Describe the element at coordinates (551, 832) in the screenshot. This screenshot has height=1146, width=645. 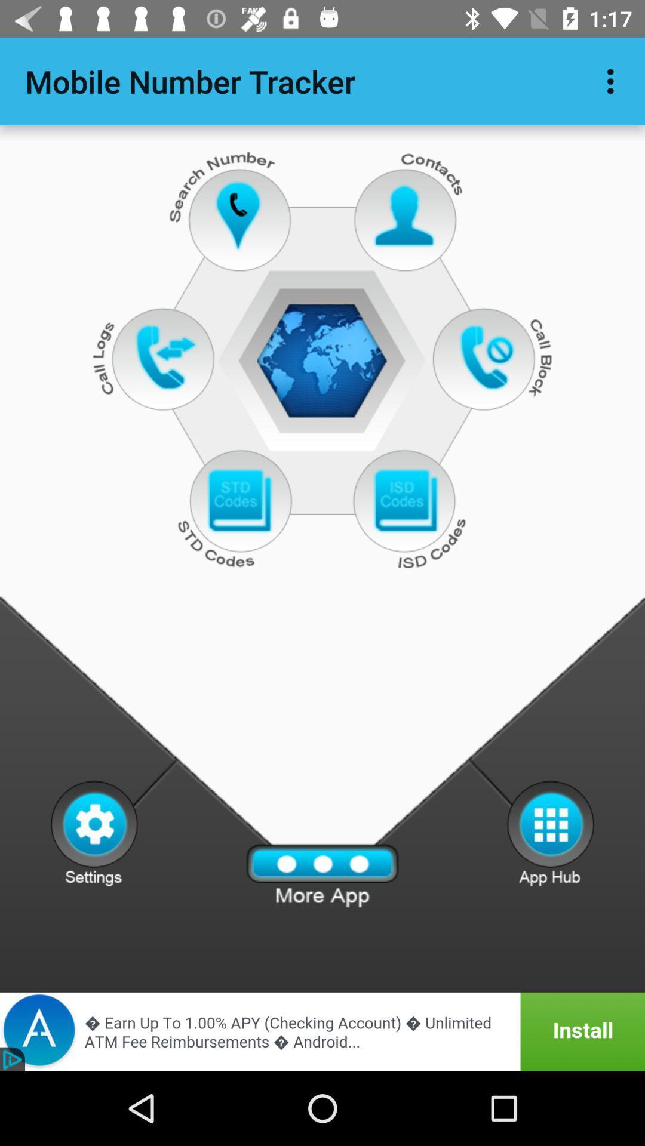
I see `app hub` at that location.